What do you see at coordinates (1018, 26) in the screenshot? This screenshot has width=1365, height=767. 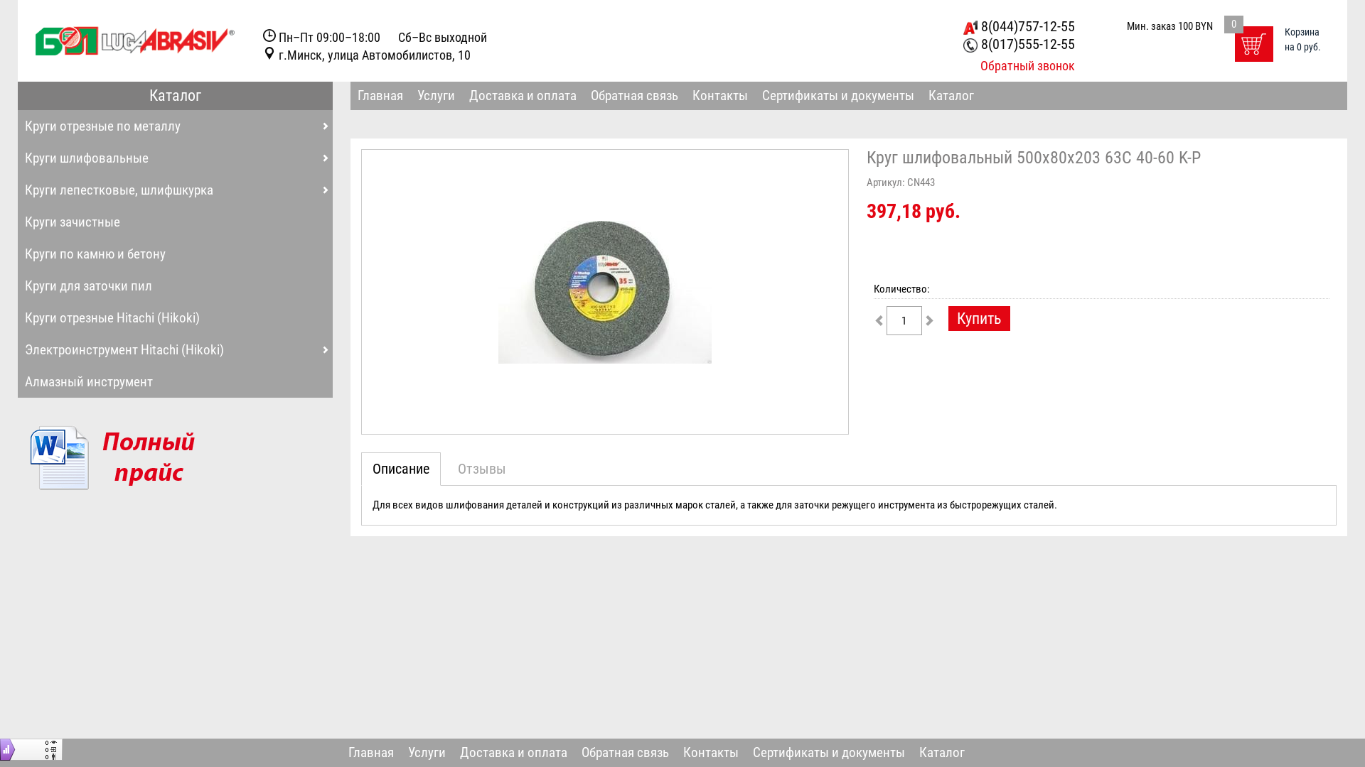 I see `'8(044)757-12-55'` at bounding box center [1018, 26].